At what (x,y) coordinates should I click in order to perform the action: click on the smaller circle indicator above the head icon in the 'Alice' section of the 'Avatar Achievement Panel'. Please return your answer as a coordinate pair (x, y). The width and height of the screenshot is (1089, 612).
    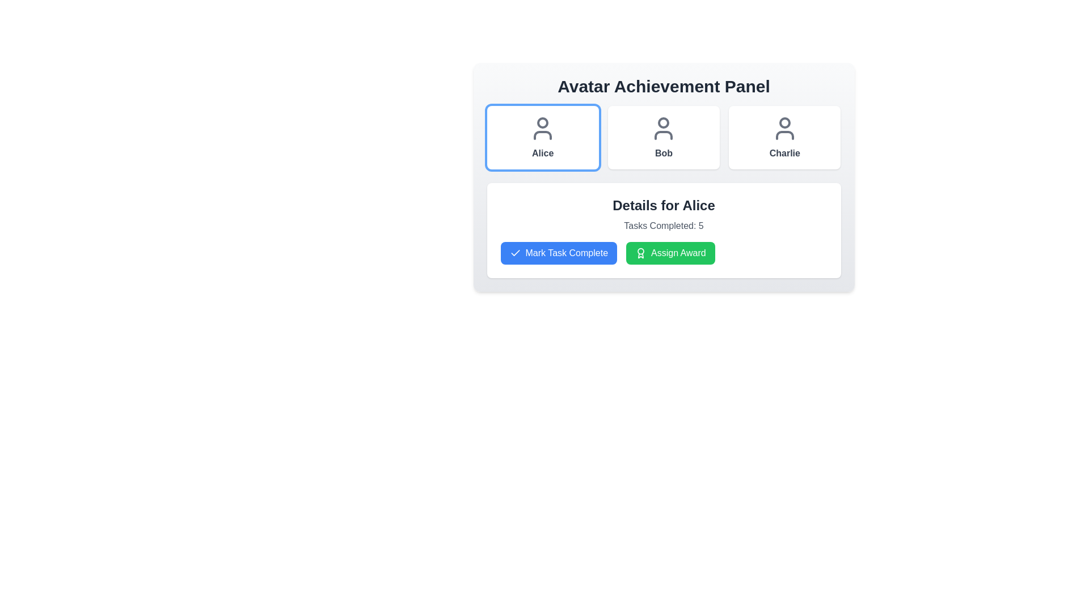
    Looking at the image, I should click on (542, 122).